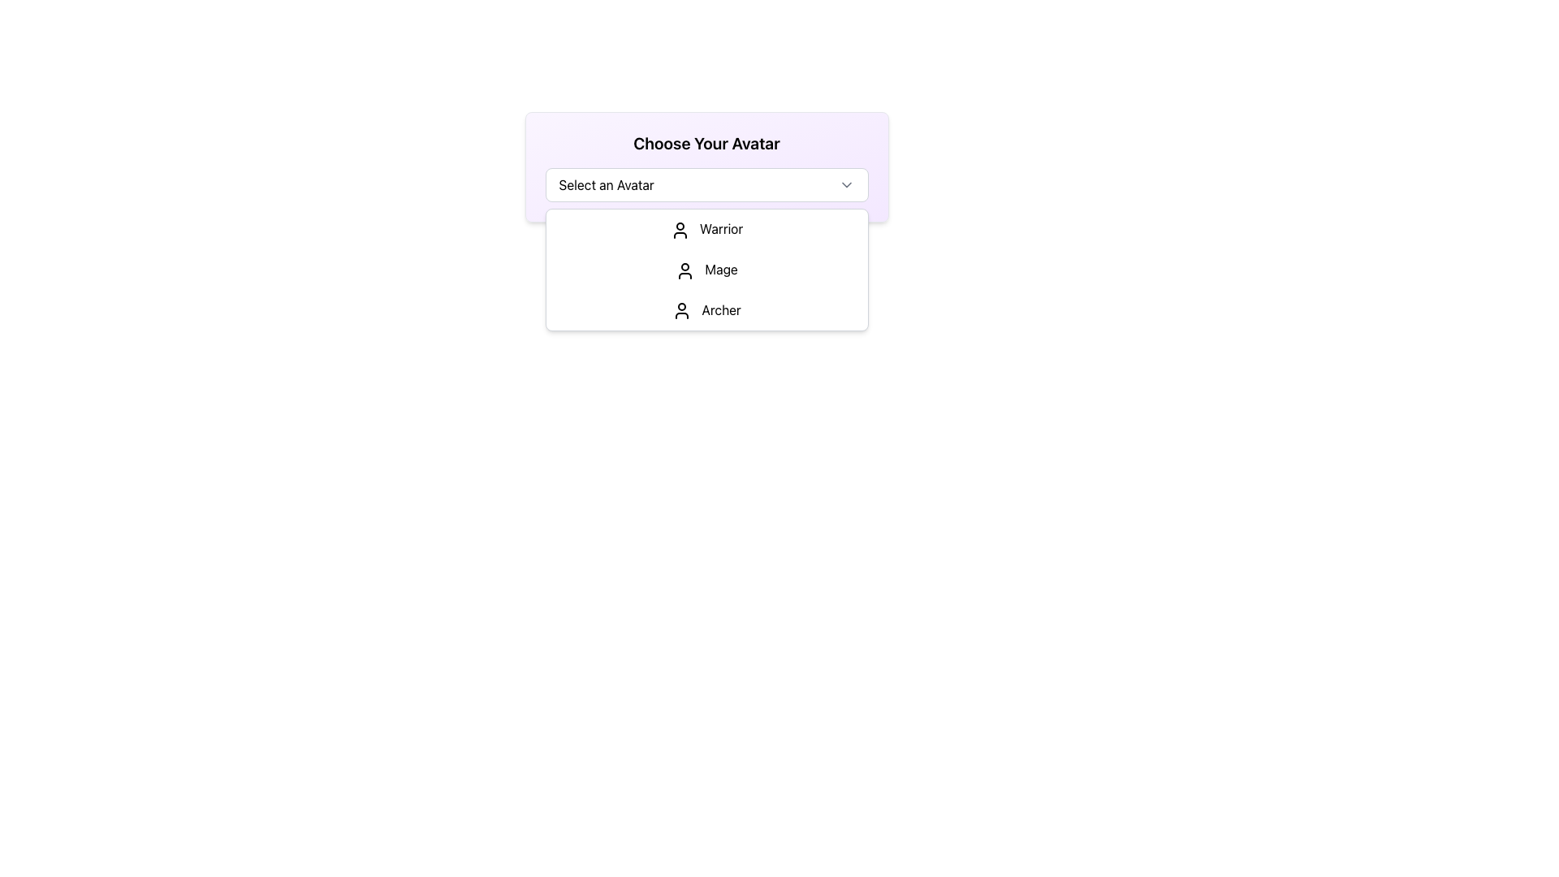 The width and height of the screenshot is (1559, 877). I want to click on the 'Warrior' dropdown menu option, which is the first entry in the list under 'Choose Your Avatar', so click(706, 229).